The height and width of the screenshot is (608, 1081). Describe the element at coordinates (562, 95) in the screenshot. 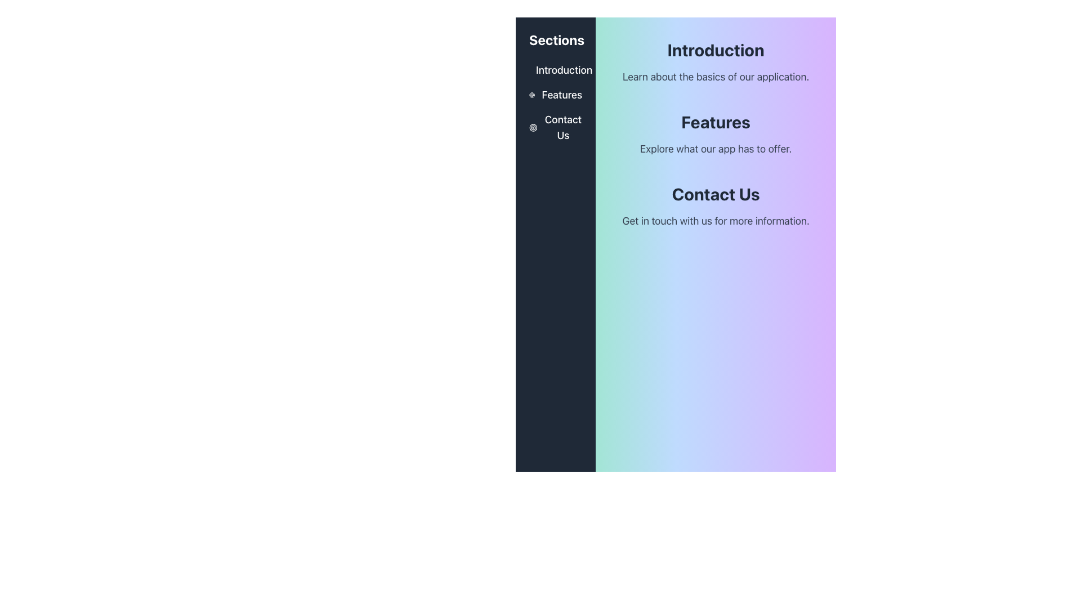

I see `the hyperlink that navigates to the 'Features' section, located in the second position under the 'Sections' side navigation menu` at that location.